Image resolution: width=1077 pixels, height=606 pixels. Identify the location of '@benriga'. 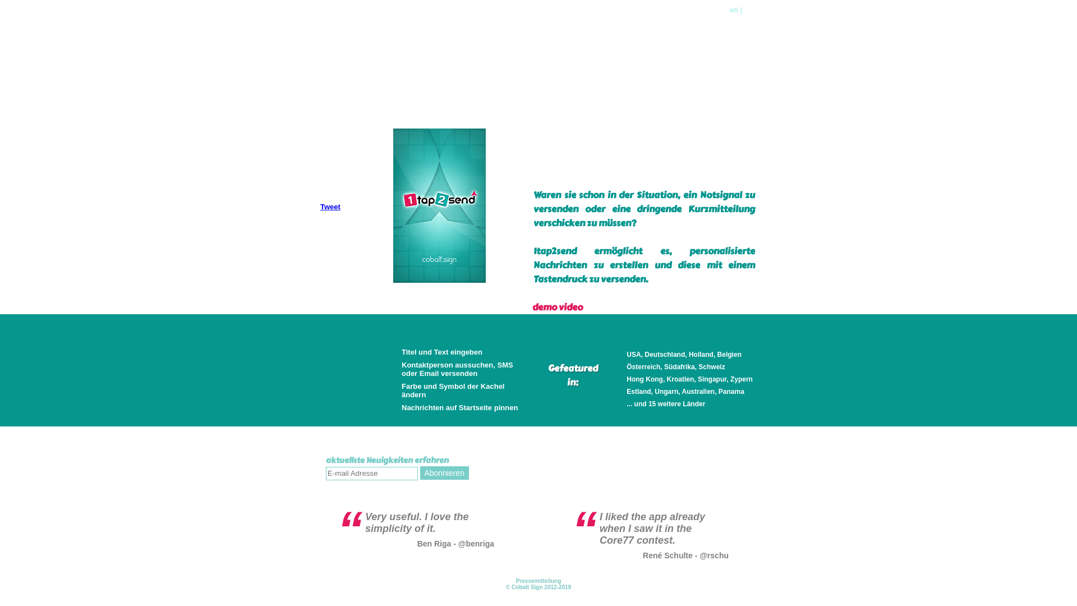
(458, 543).